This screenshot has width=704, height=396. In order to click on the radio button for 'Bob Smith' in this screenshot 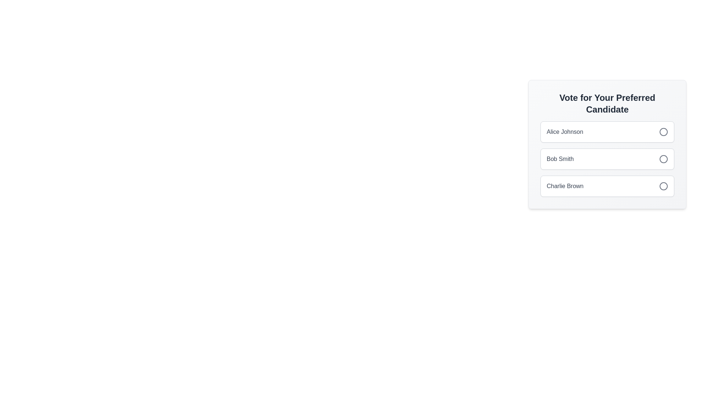, I will do `click(663, 159)`.